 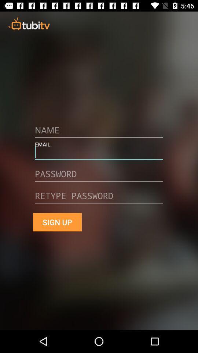 I want to click on retype password, so click(x=99, y=198).